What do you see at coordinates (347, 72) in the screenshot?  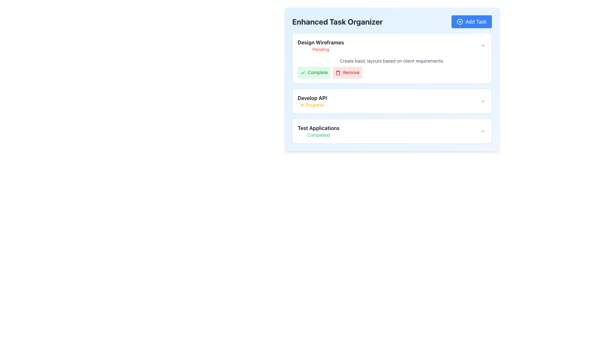 I see `the 'Remove' button with a red background and text, located in the 'Design Wireframes' task card` at bounding box center [347, 72].